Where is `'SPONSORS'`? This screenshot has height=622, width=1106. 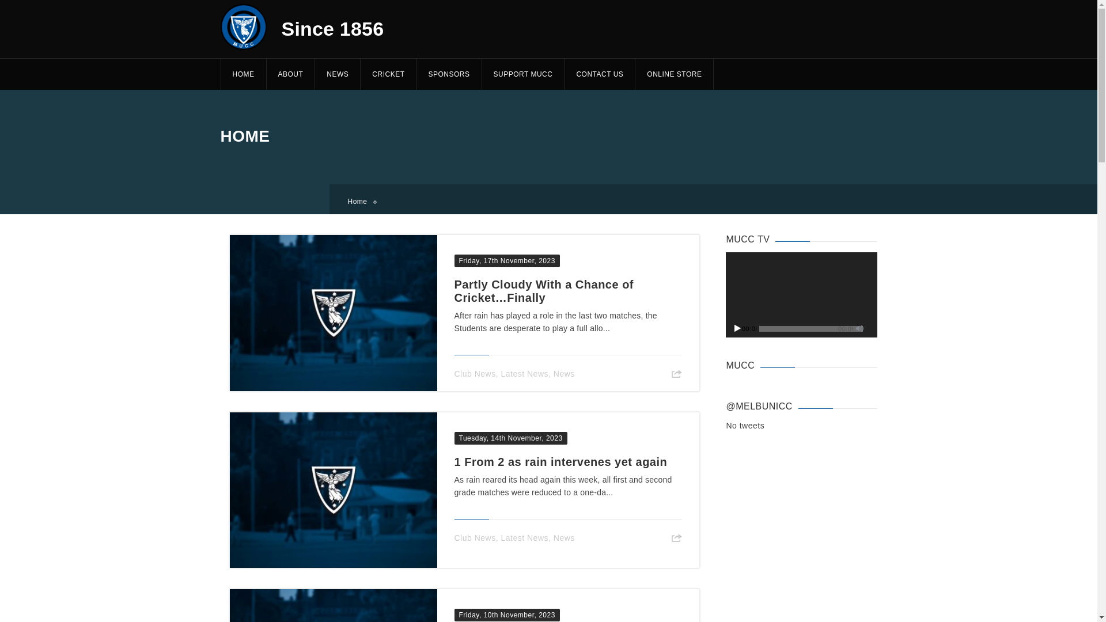
'SPONSORS' is located at coordinates (448, 74).